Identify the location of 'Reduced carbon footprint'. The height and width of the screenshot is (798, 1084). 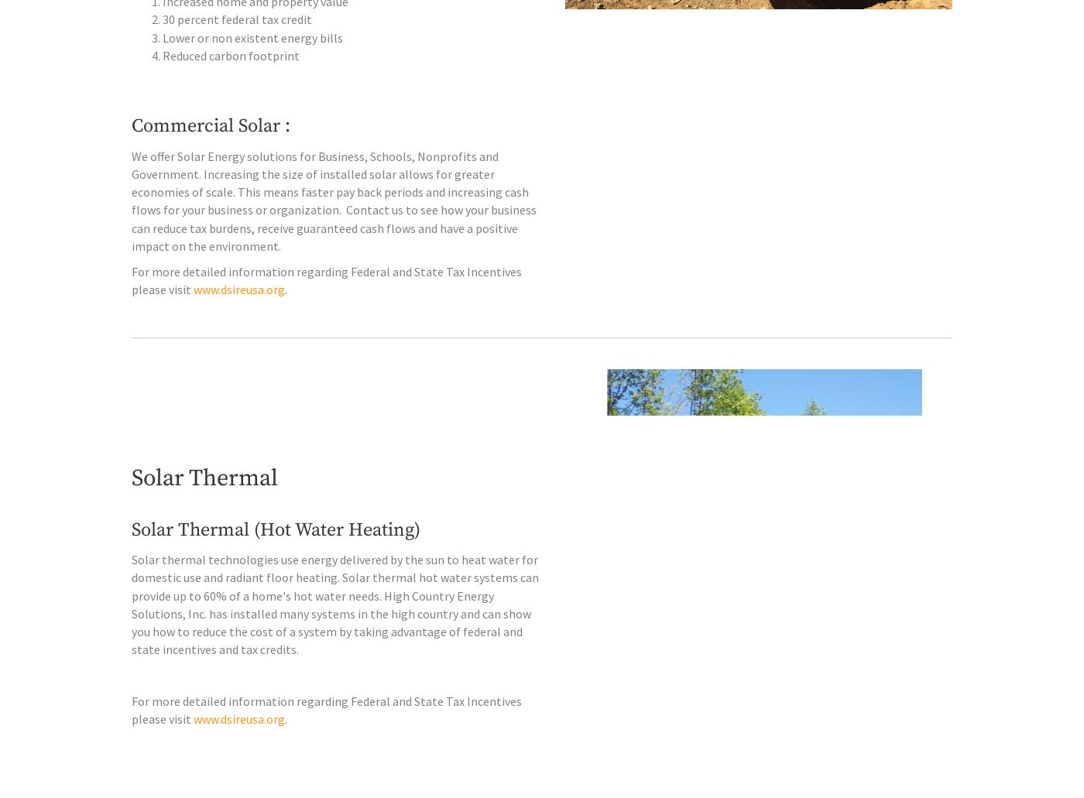
(231, 86).